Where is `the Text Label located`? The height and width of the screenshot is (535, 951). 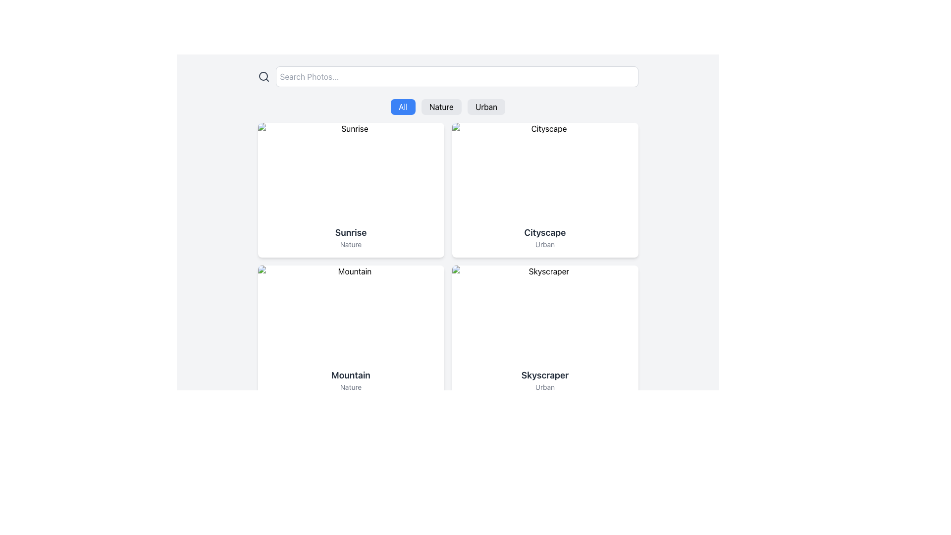
the Text Label located is located at coordinates (351, 375).